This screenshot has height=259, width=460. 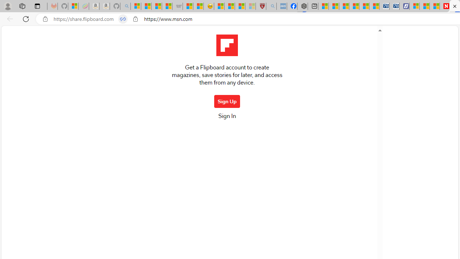 I want to click on 'Newsweek - News, Analysis, Politics, Business, Technology', so click(x=444, y=6).